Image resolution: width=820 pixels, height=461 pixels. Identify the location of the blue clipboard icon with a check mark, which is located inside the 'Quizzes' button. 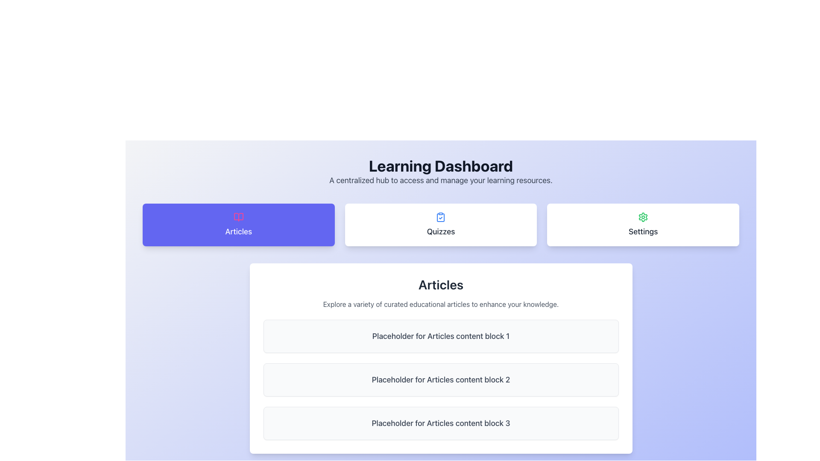
(441, 217).